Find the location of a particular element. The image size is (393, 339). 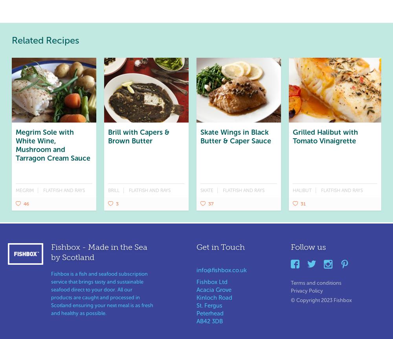

'Terms and conditions' is located at coordinates (316, 282).